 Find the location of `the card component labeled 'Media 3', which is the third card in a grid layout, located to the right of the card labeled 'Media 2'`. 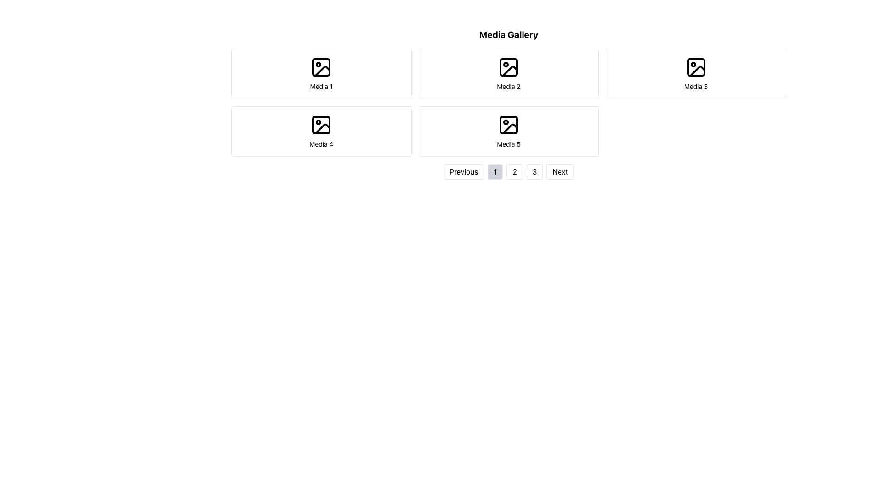

the card component labeled 'Media 3', which is the third card in a grid layout, located to the right of the card labeled 'Media 2' is located at coordinates (696, 73).